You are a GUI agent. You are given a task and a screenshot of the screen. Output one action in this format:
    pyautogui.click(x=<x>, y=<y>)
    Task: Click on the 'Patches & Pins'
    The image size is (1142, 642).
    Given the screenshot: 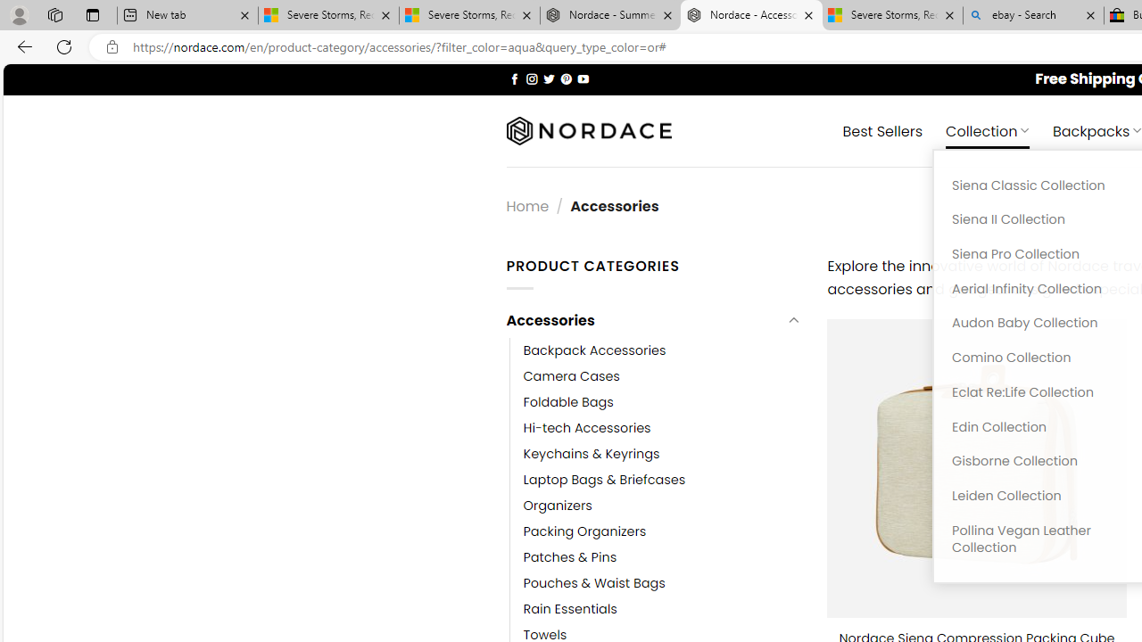 What is the action you would take?
    pyautogui.click(x=569, y=557)
    